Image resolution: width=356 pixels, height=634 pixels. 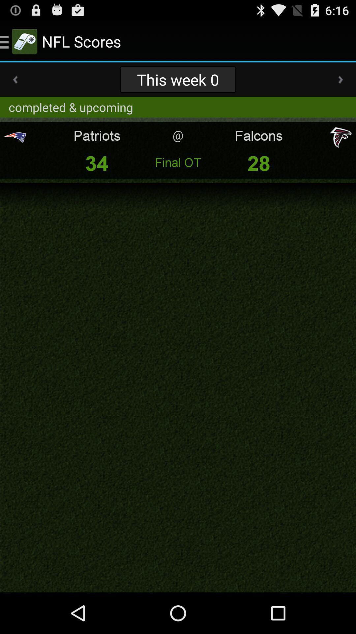 I want to click on app above falcons item, so click(x=341, y=79).